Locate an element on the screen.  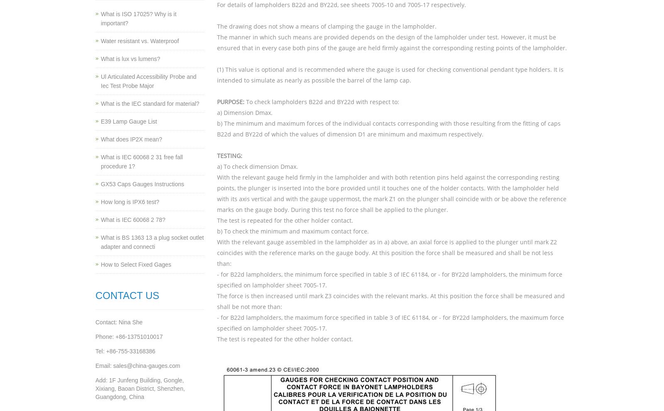
'What is lux vs lumens?' is located at coordinates (130, 58).